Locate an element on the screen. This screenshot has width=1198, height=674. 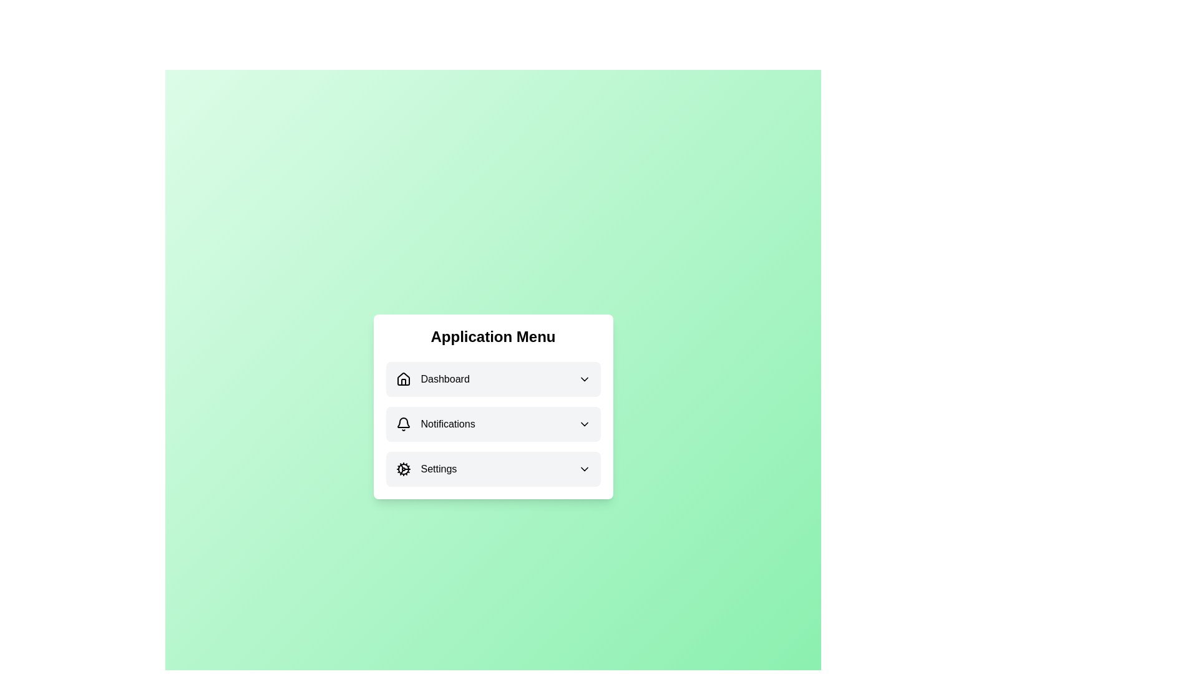
the downwards-pointing chevron icon on the far-right side of the 'Dashboard' component is located at coordinates (583, 379).